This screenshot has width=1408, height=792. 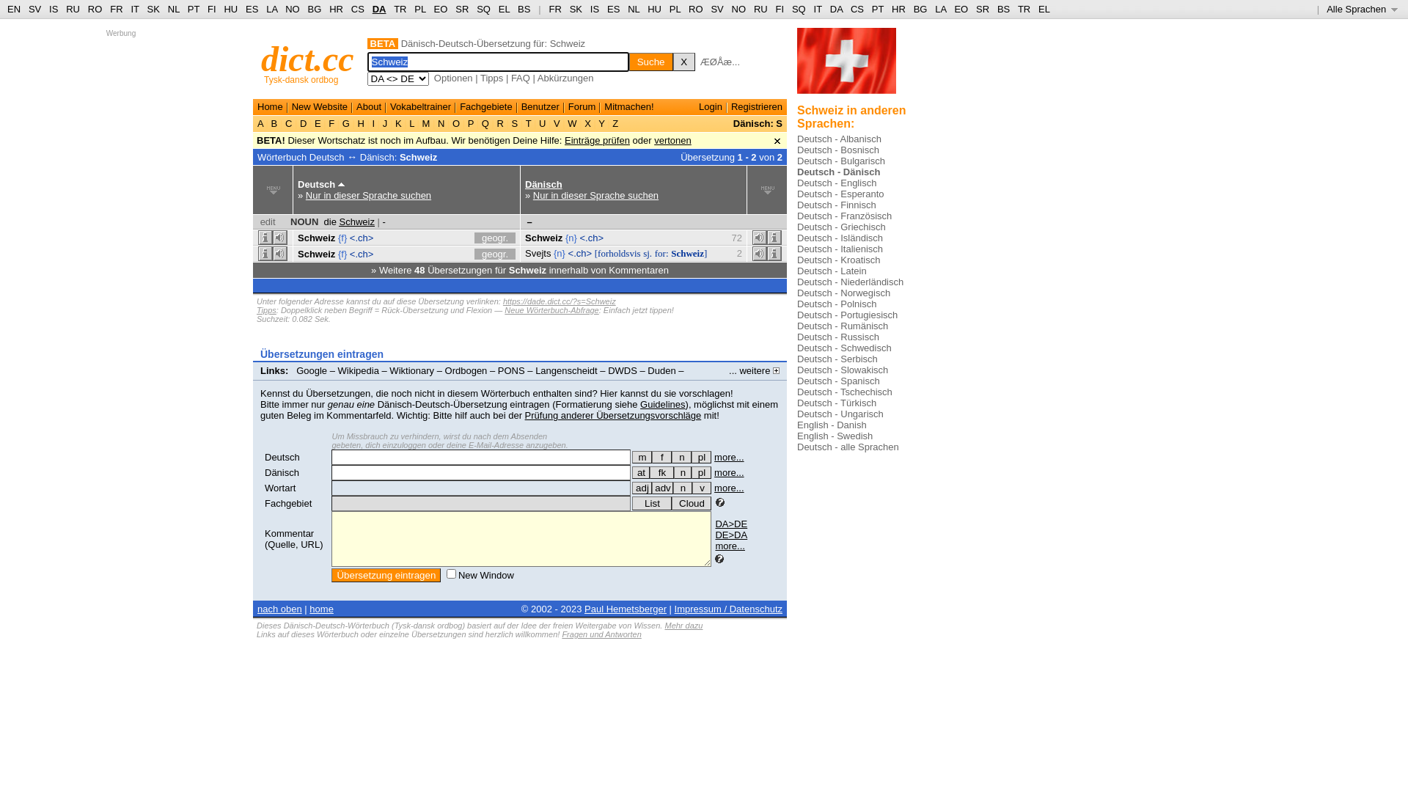 I want to click on 'Vokabeltrainer', so click(x=419, y=106).